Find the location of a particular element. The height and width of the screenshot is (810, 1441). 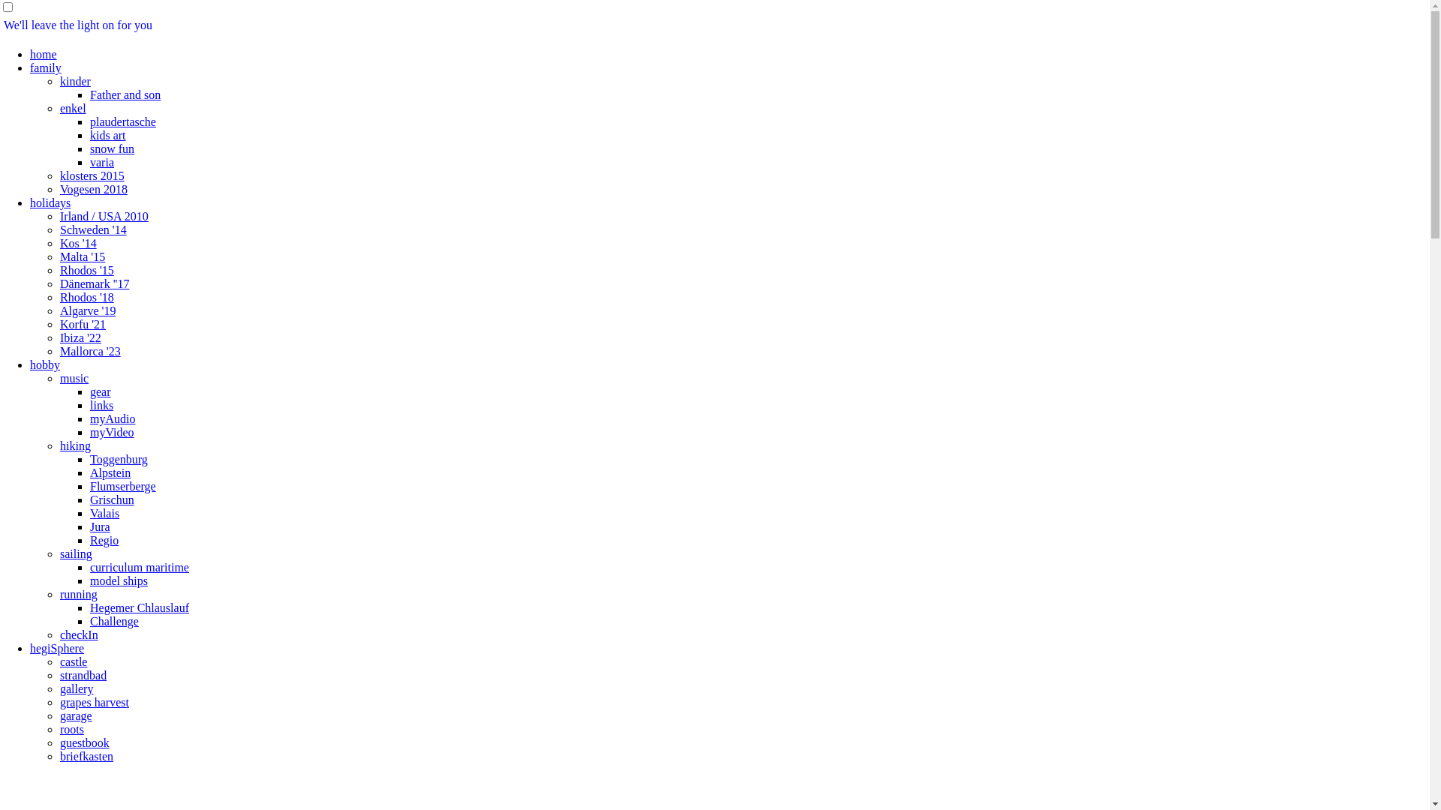

'Mallorca '23' is located at coordinates (89, 351).